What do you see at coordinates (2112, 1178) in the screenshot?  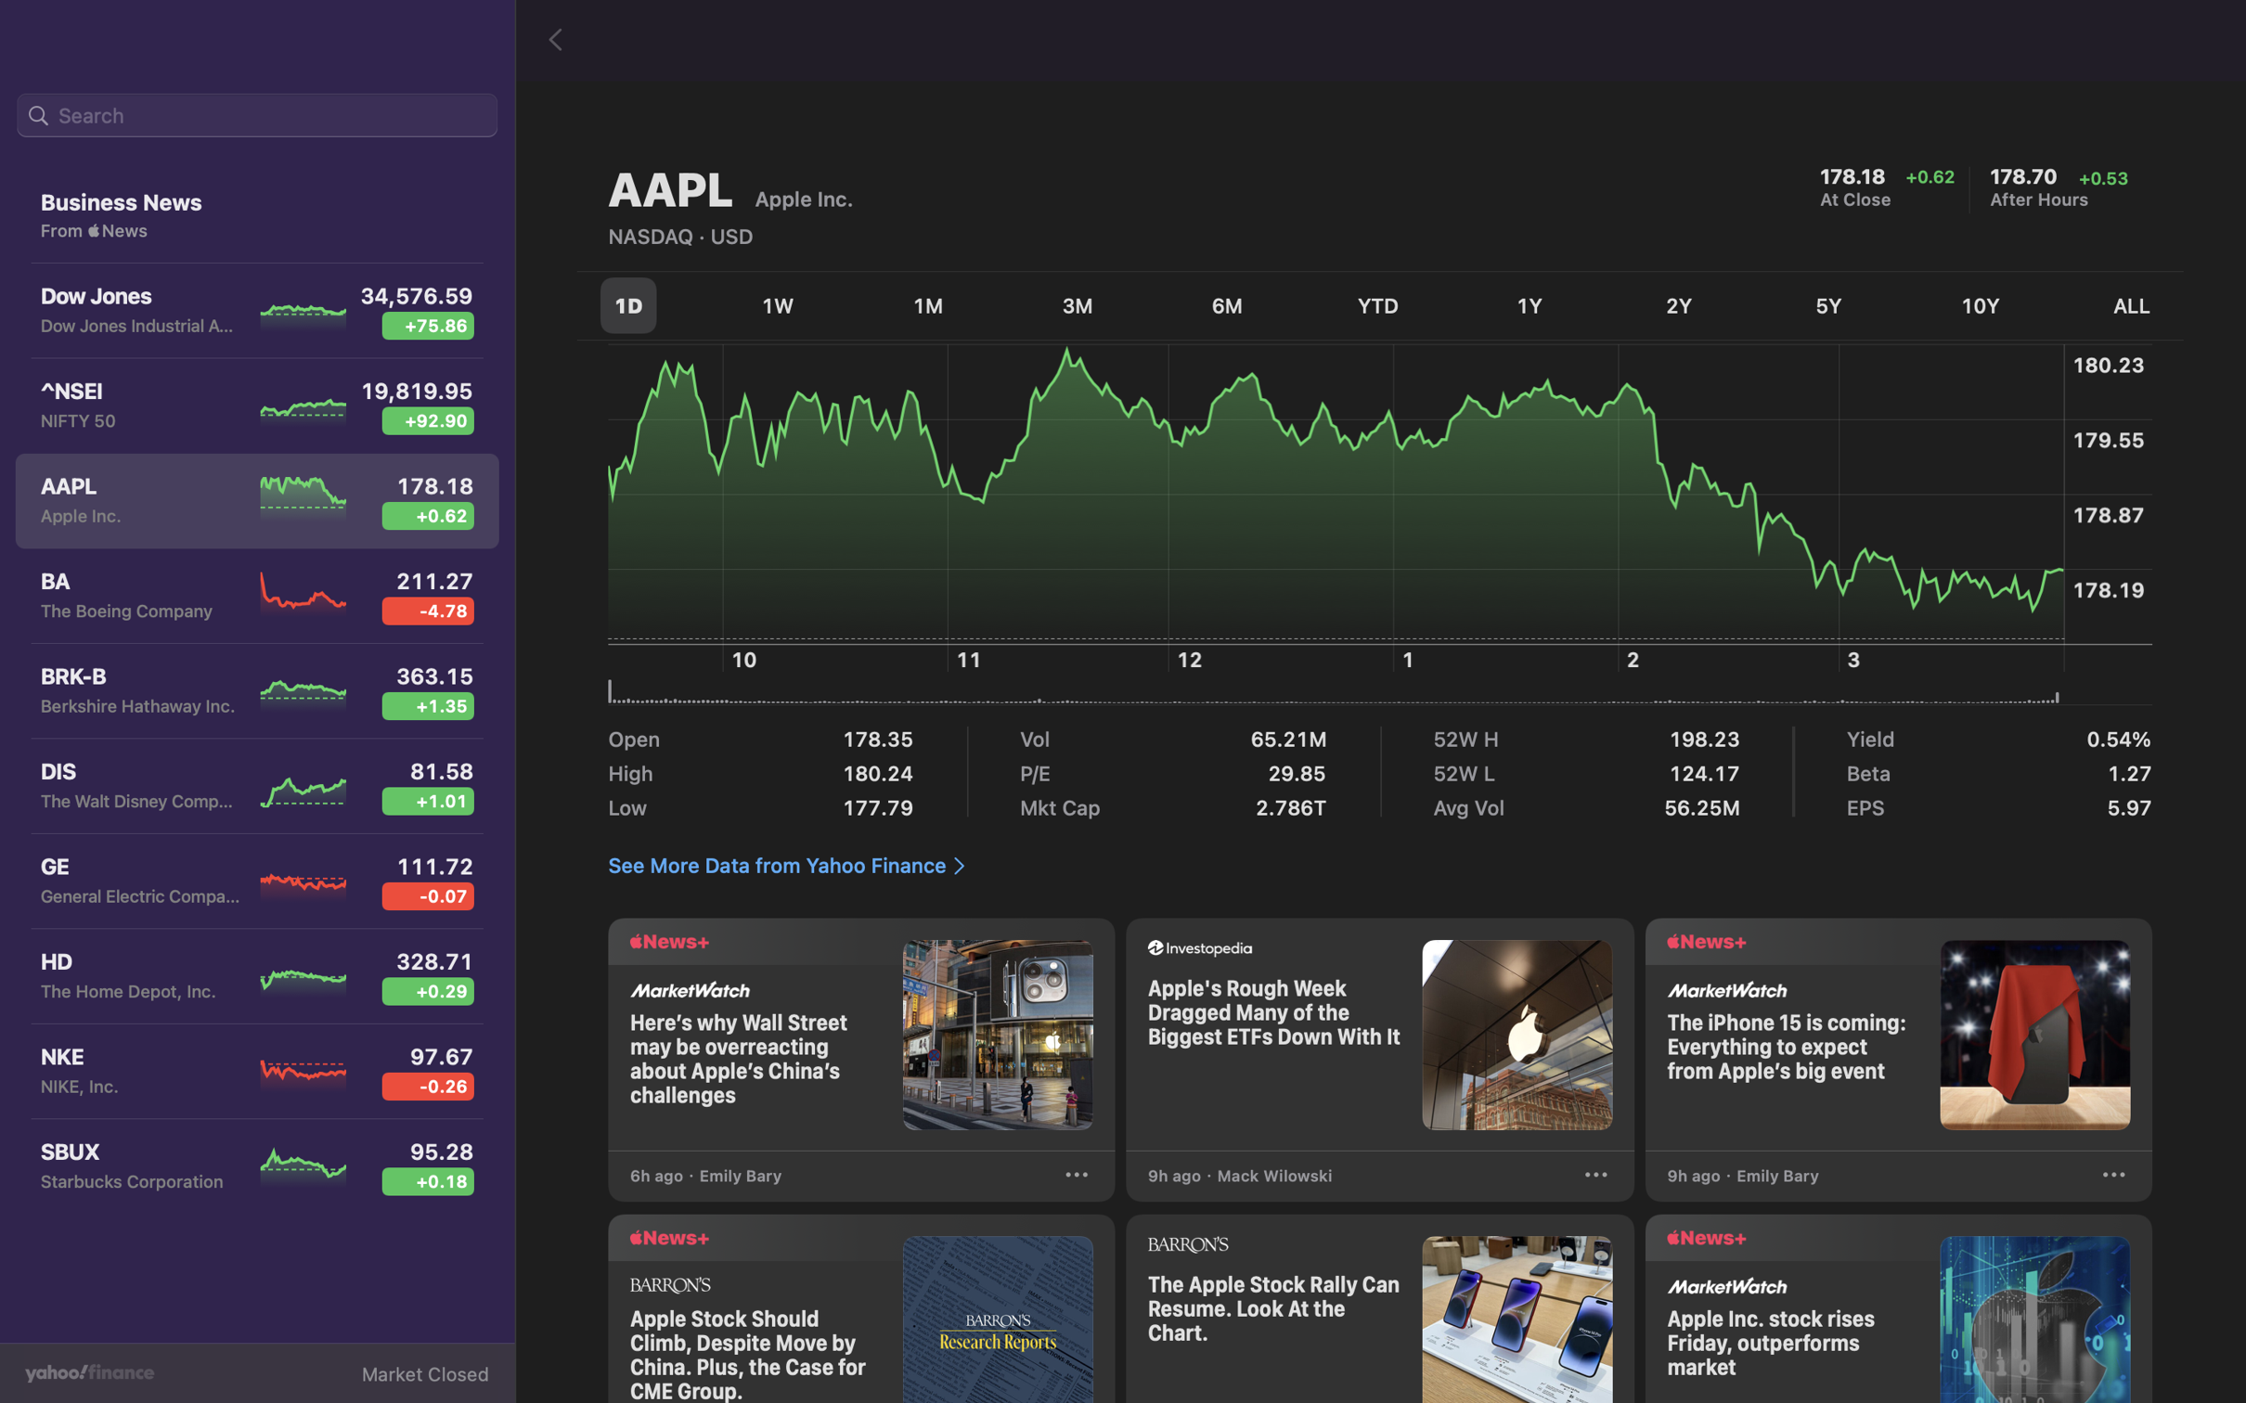 I see `the "3 dots" for more actions` at bounding box center [2112, 1178].